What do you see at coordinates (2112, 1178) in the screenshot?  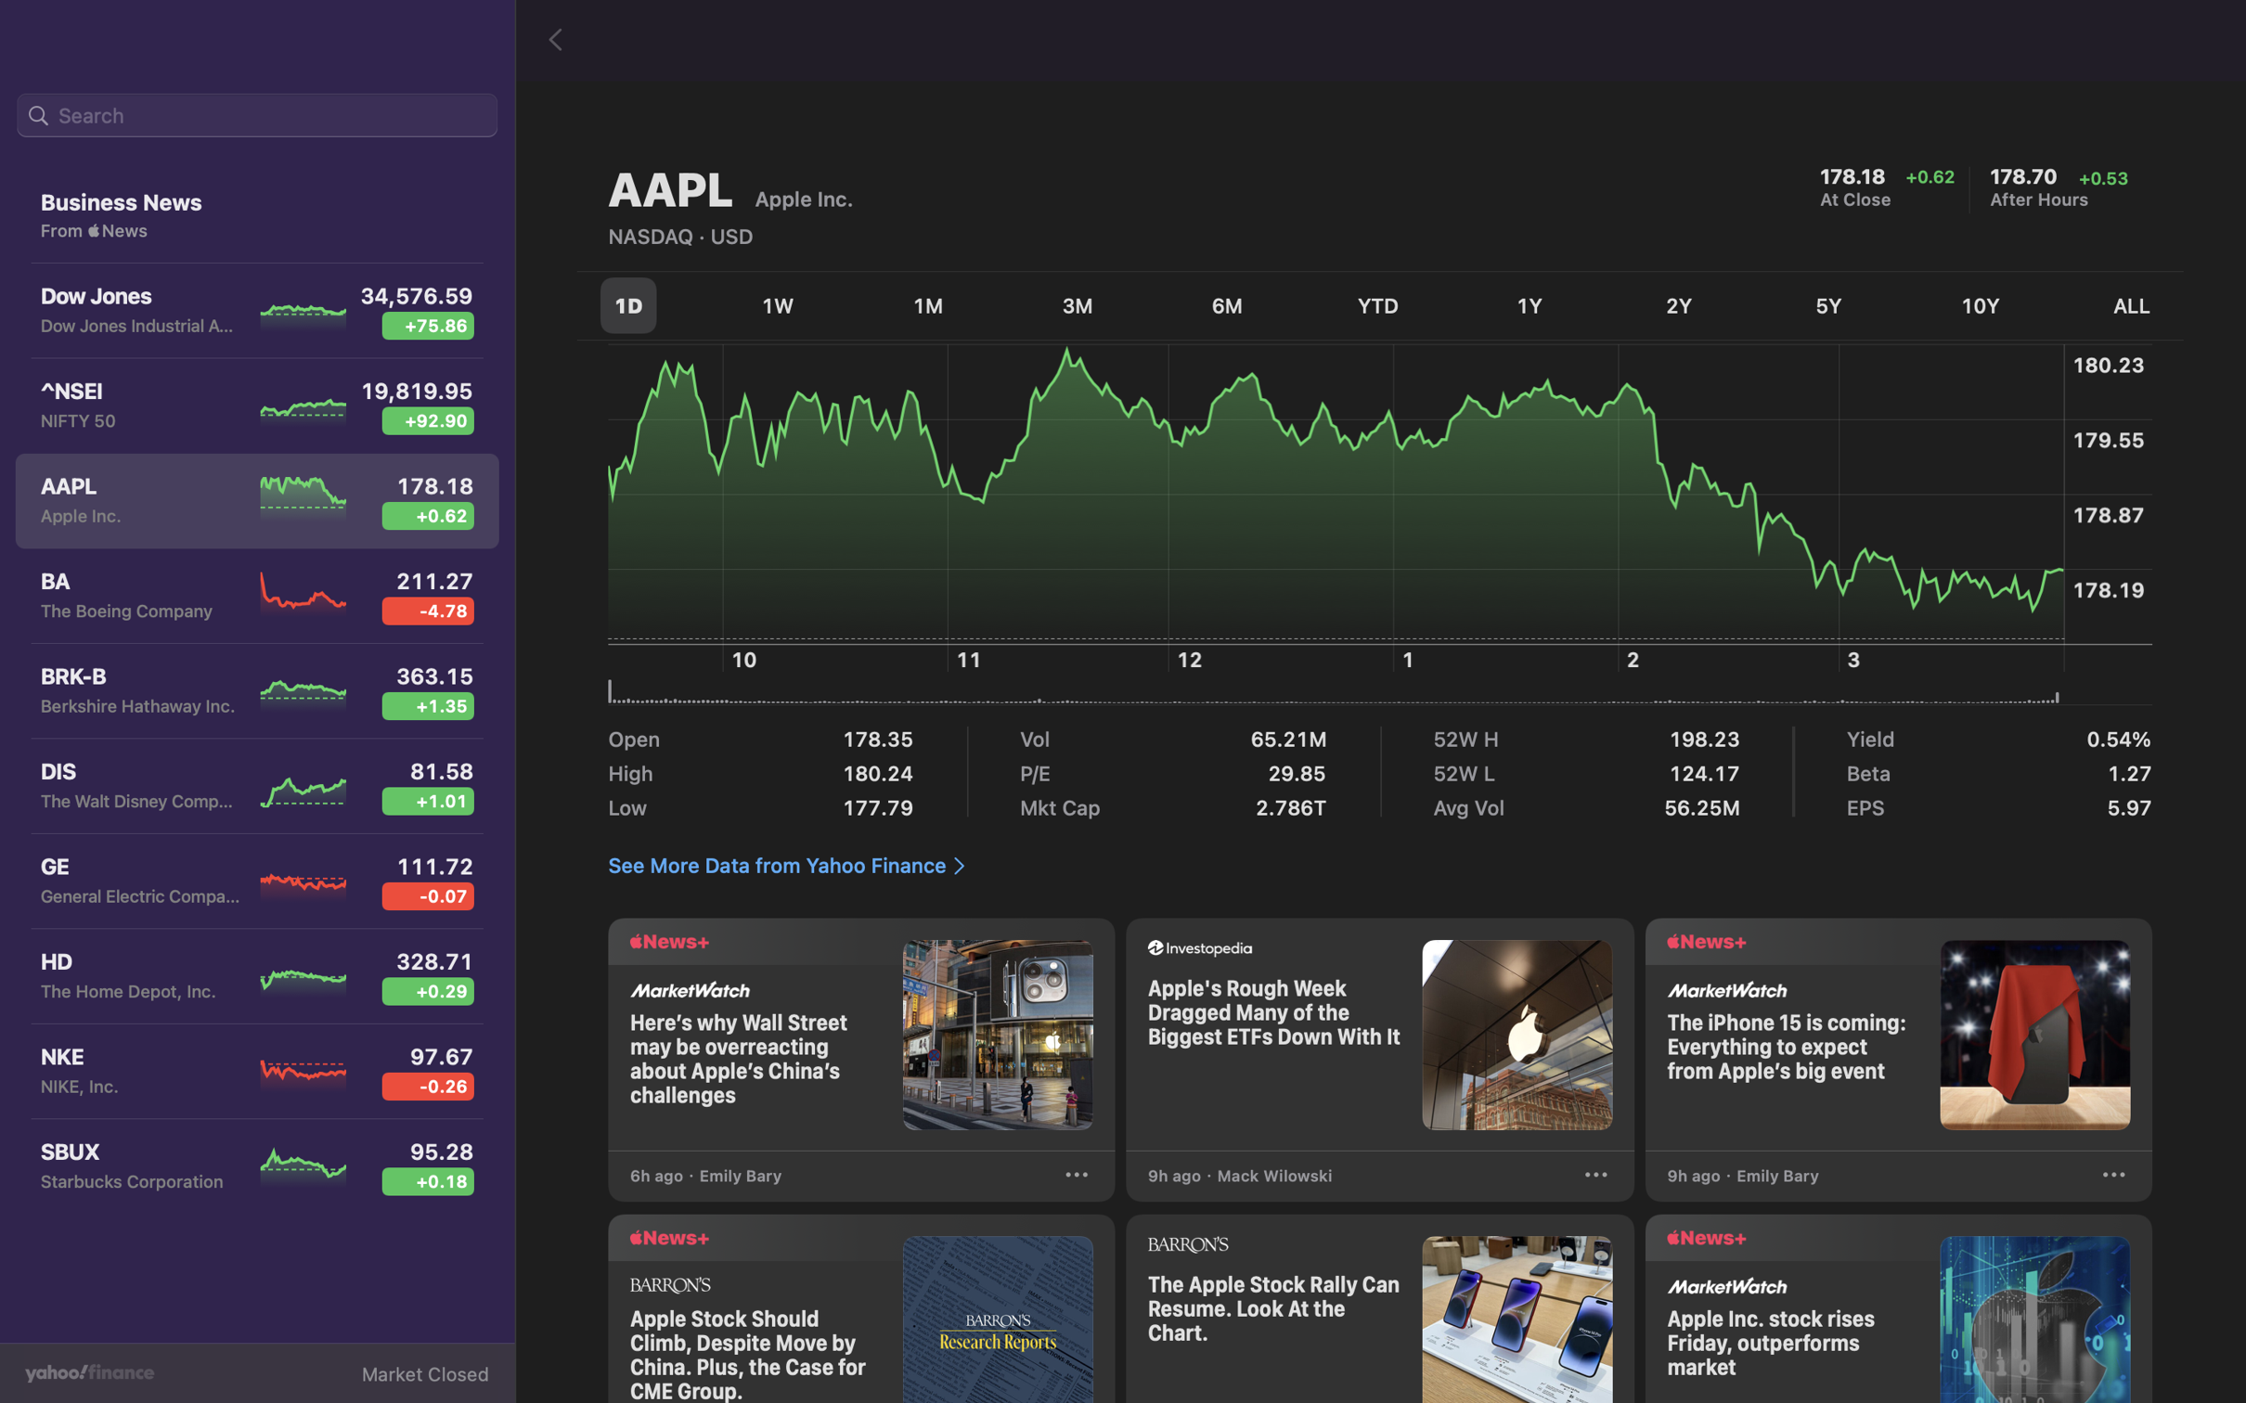 I see `the "3 dots" for more actions` at bounding box center [2112, 1178].